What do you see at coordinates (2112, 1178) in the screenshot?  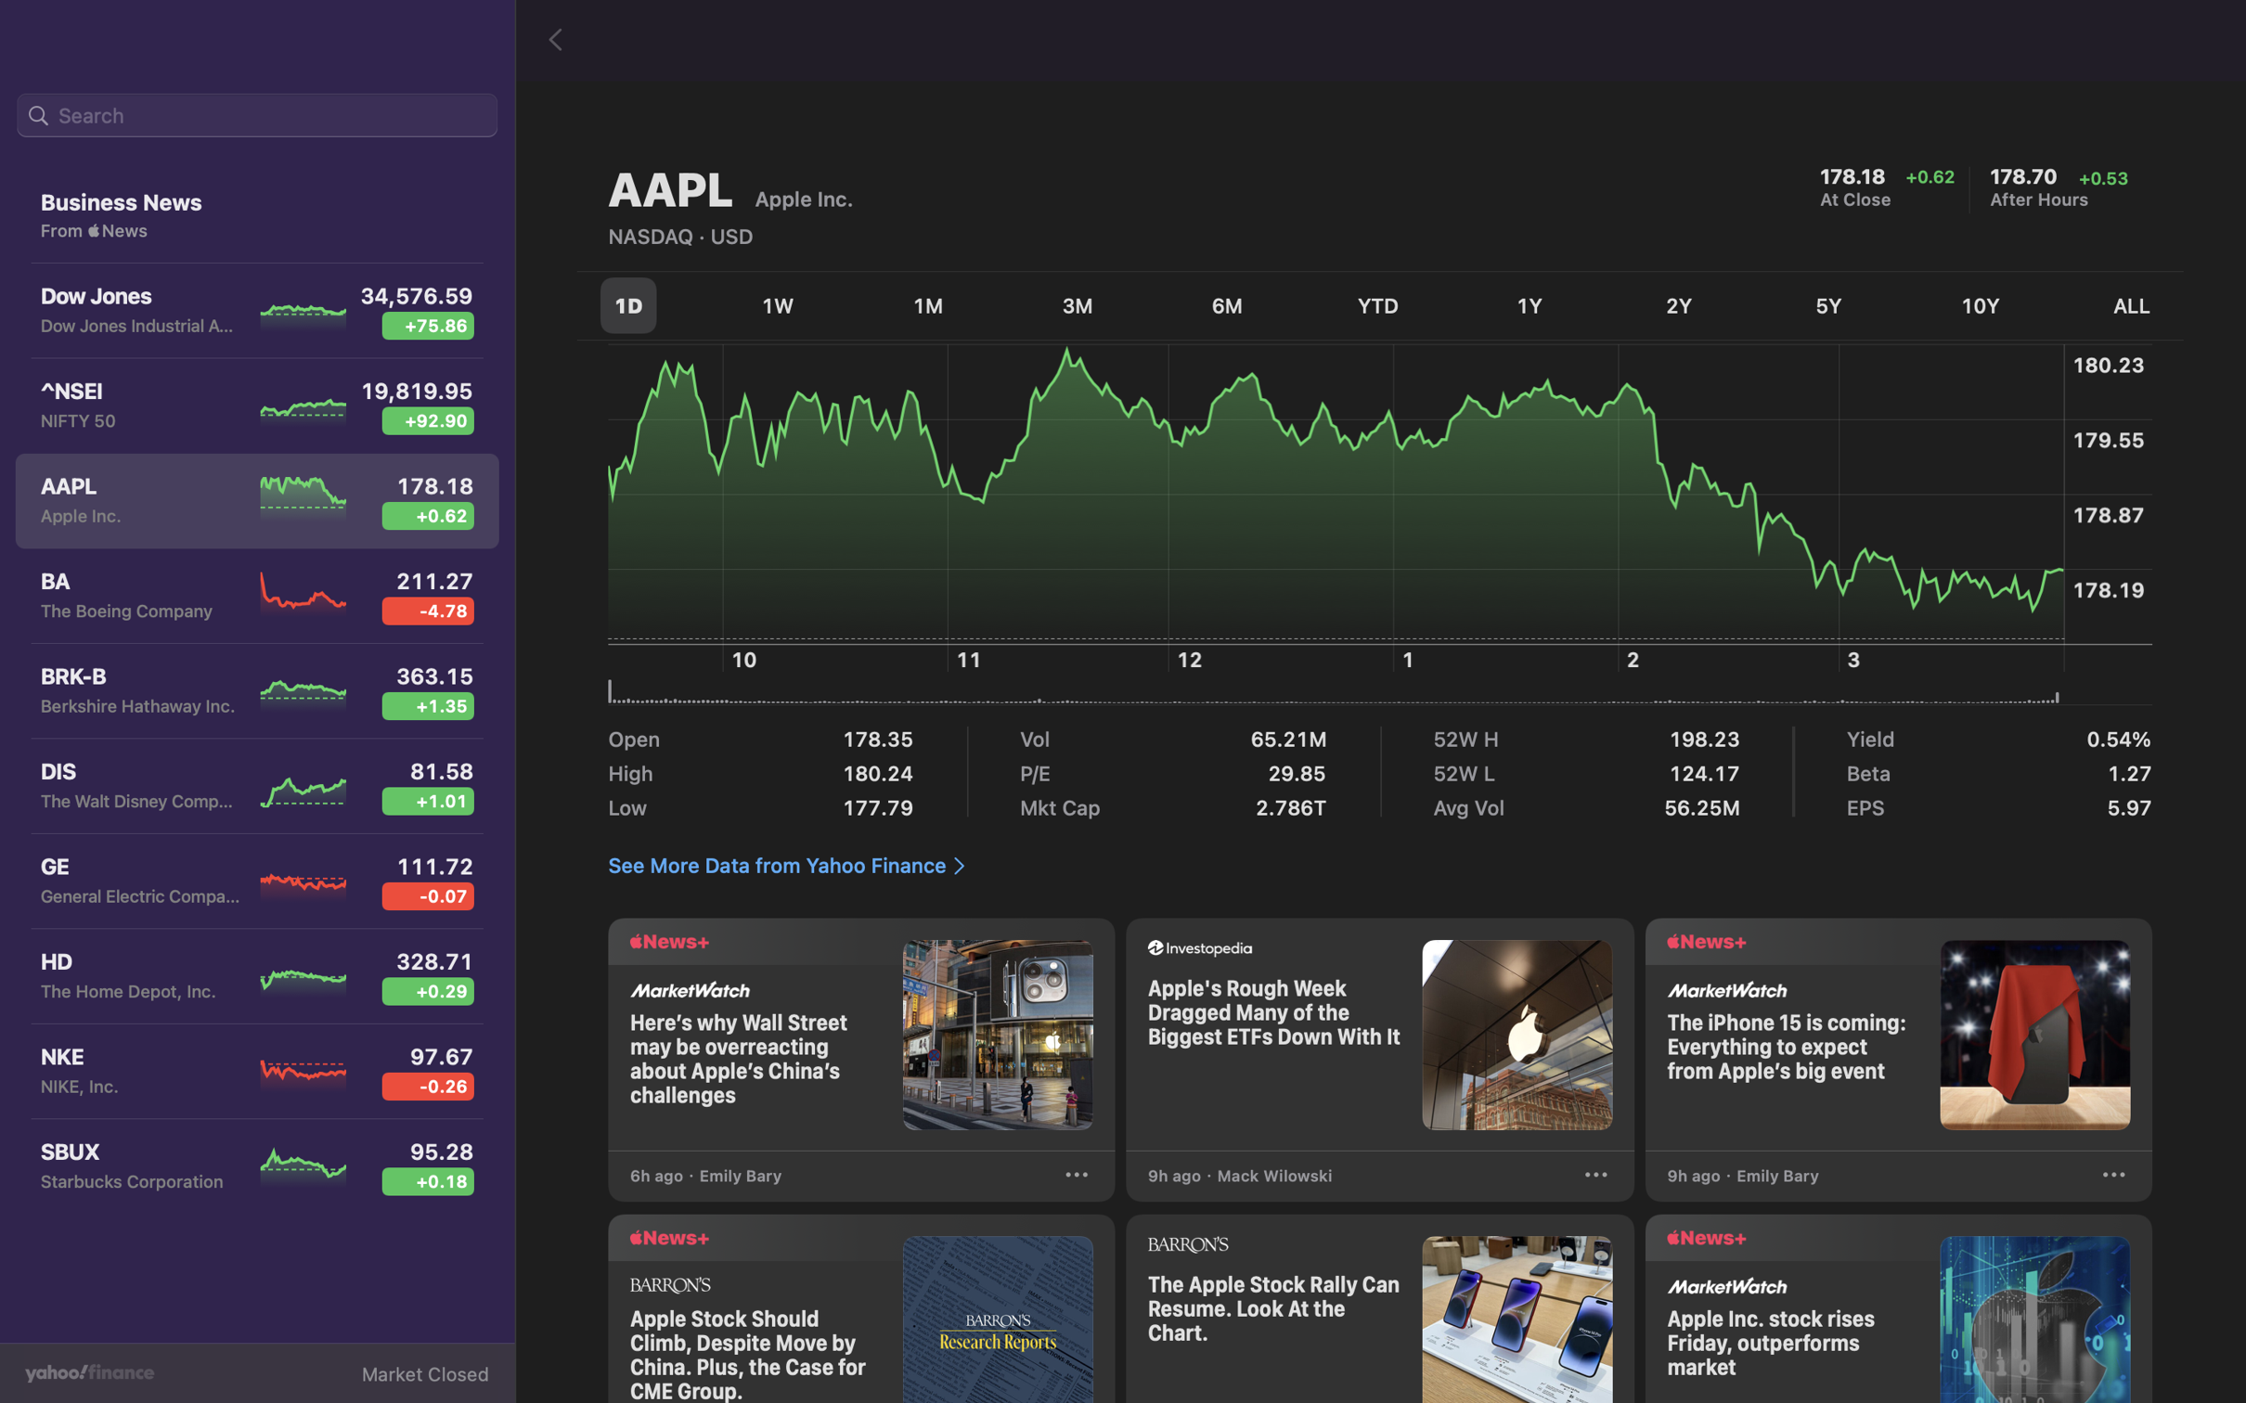 I see `the "3 dots" for more actions` at bounding box center [2112, 1178].